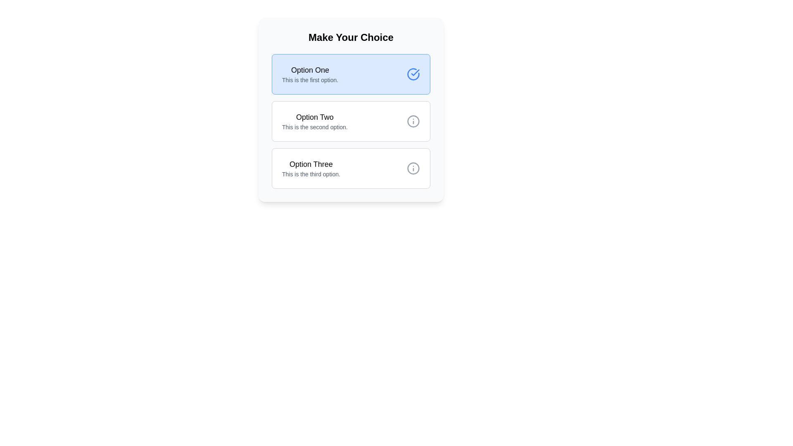 This screenshot has height=446, width=793. What do you see at coordinates (311, 164) in the screenshot?
I see `the static text label that serves as the title for the third choice in the selection panel, located between 'Option Two' and 'This is the third option.'` at bounding box center [311, 164].